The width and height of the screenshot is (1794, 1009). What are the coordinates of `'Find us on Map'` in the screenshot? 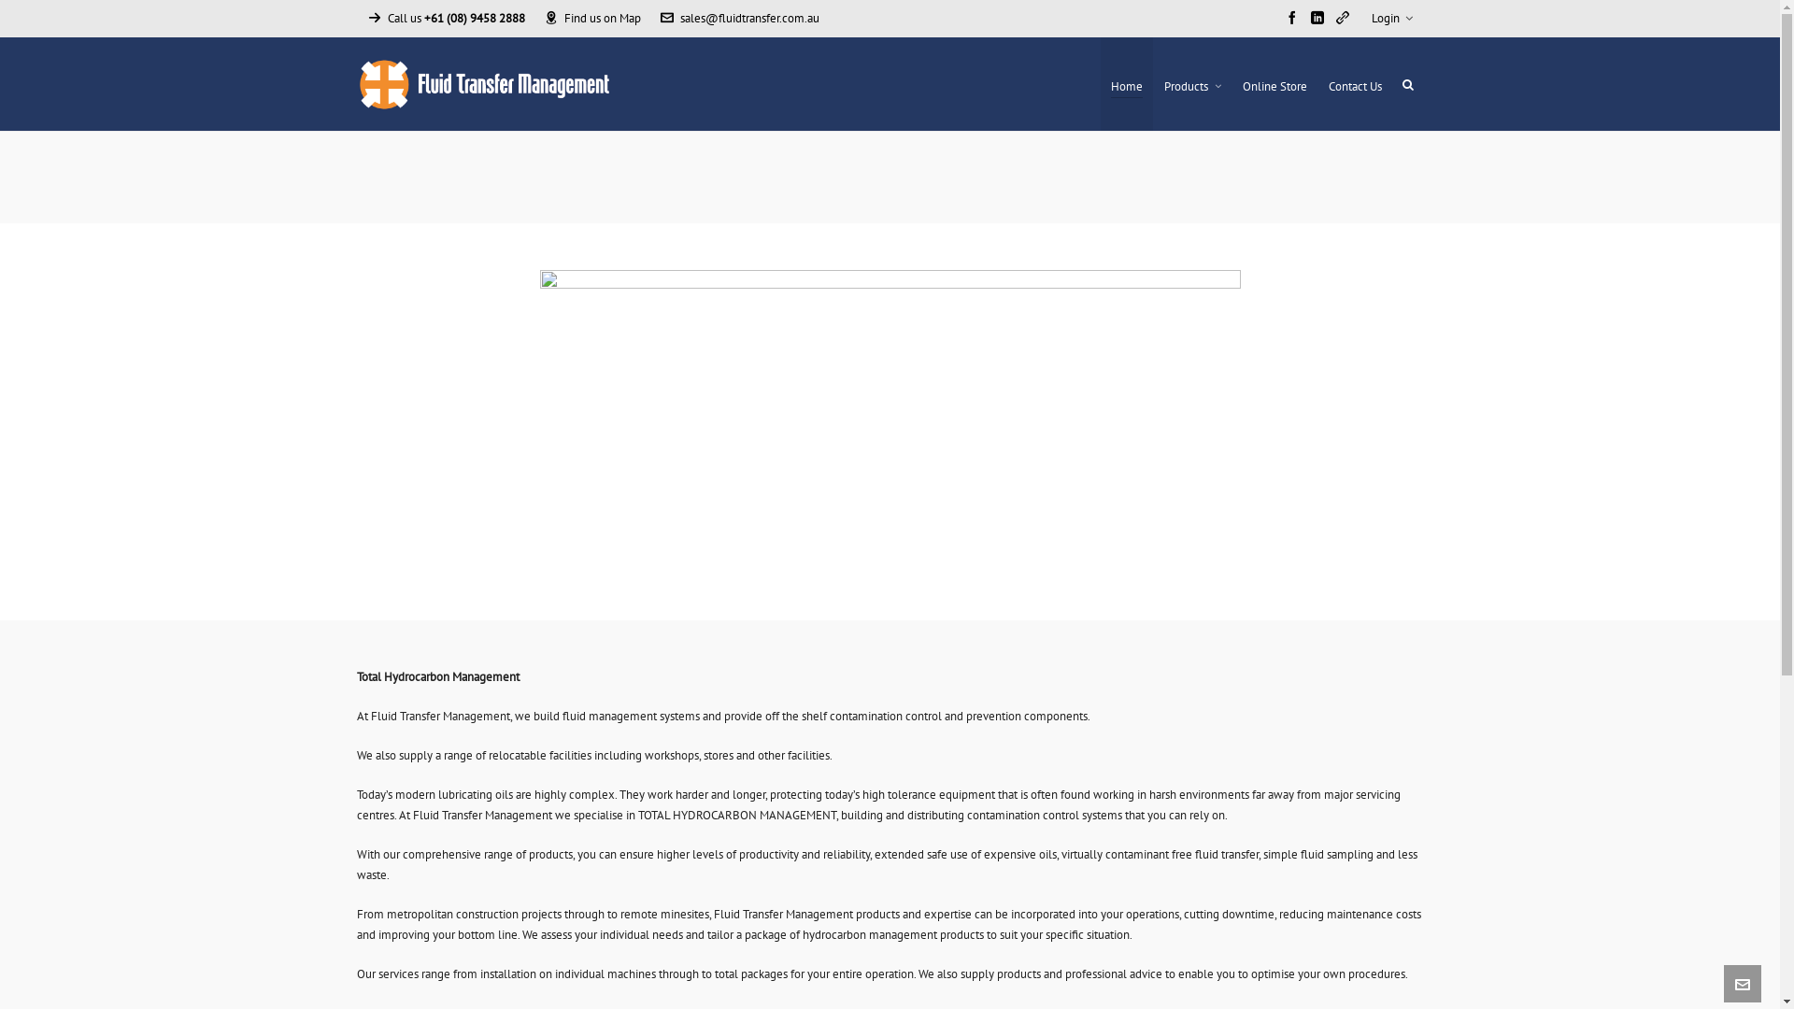 It's located at (591, 18).